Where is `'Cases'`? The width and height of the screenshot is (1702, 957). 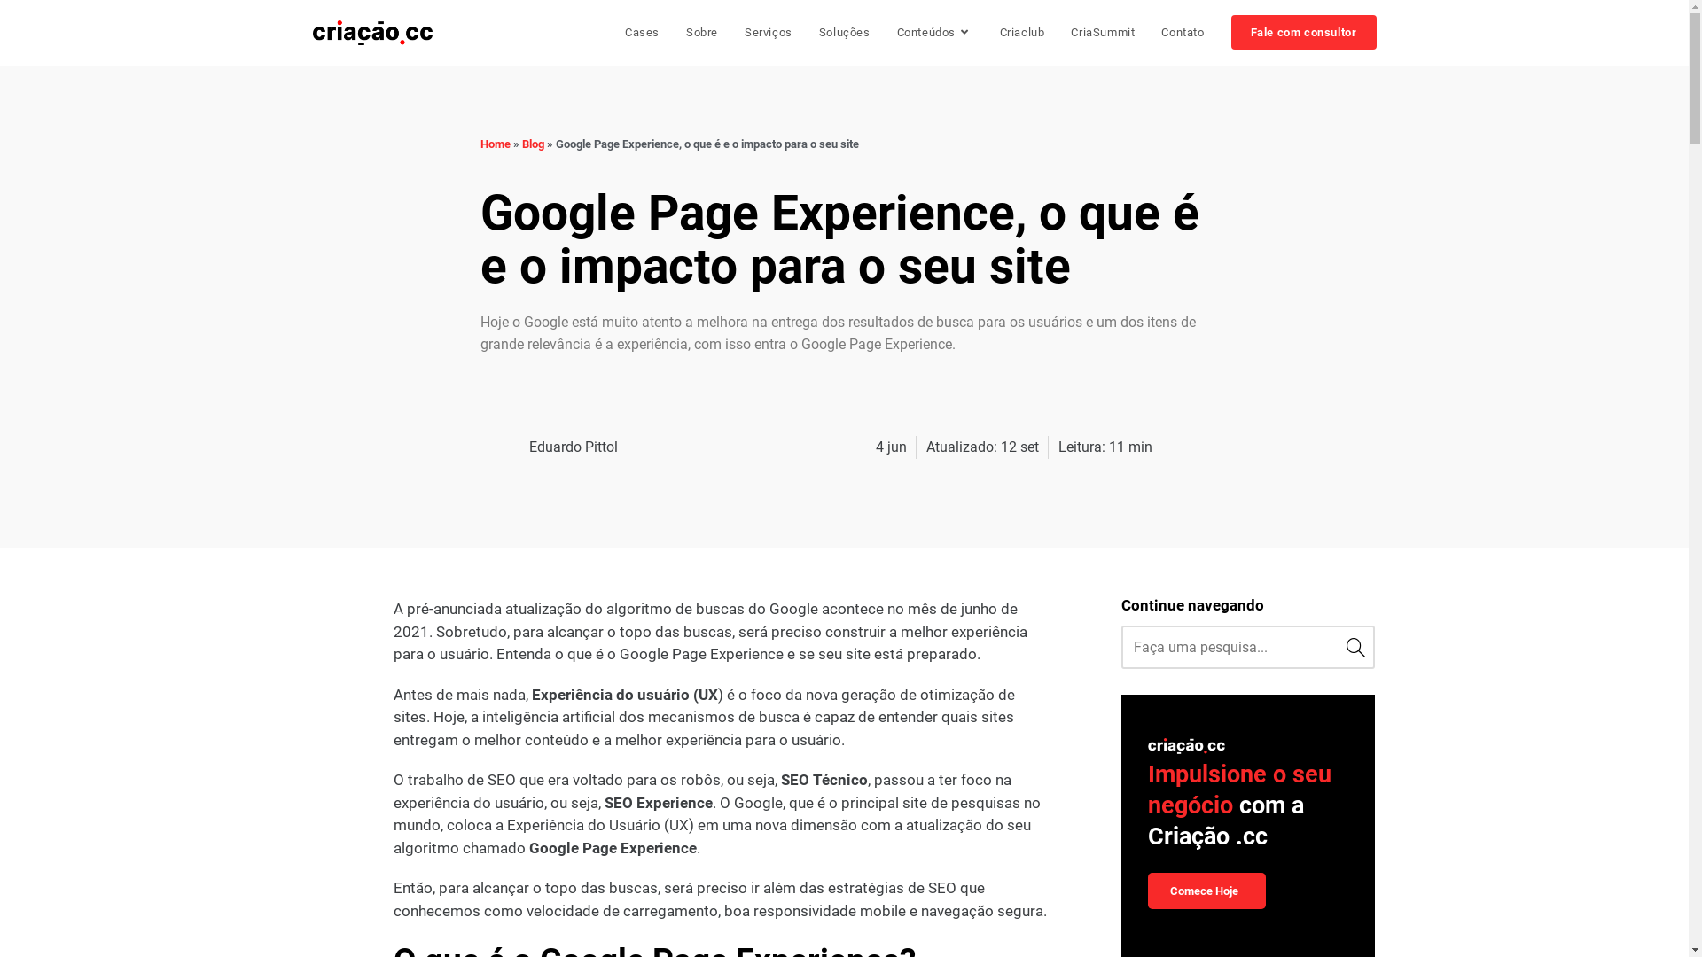
'Cases' is located at coordinates (641, 33).